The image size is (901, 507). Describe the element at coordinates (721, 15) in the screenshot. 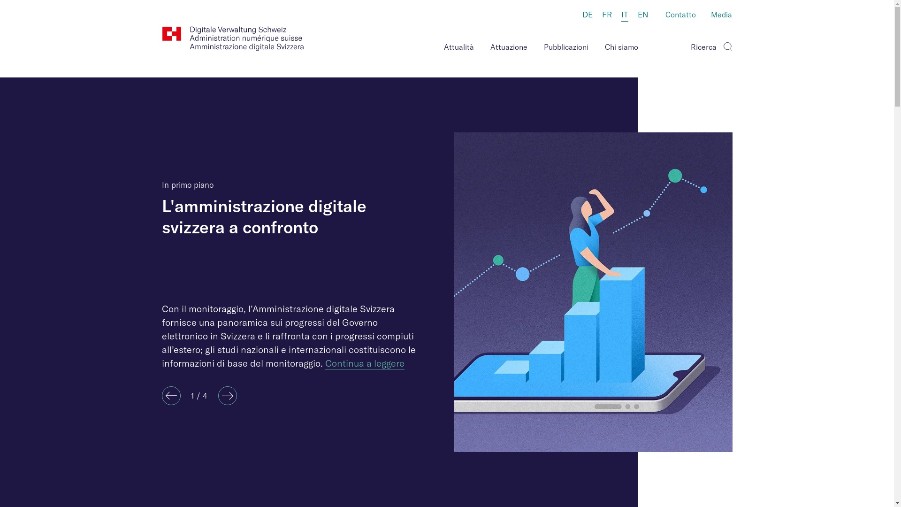

I see `'Media'` at that location.